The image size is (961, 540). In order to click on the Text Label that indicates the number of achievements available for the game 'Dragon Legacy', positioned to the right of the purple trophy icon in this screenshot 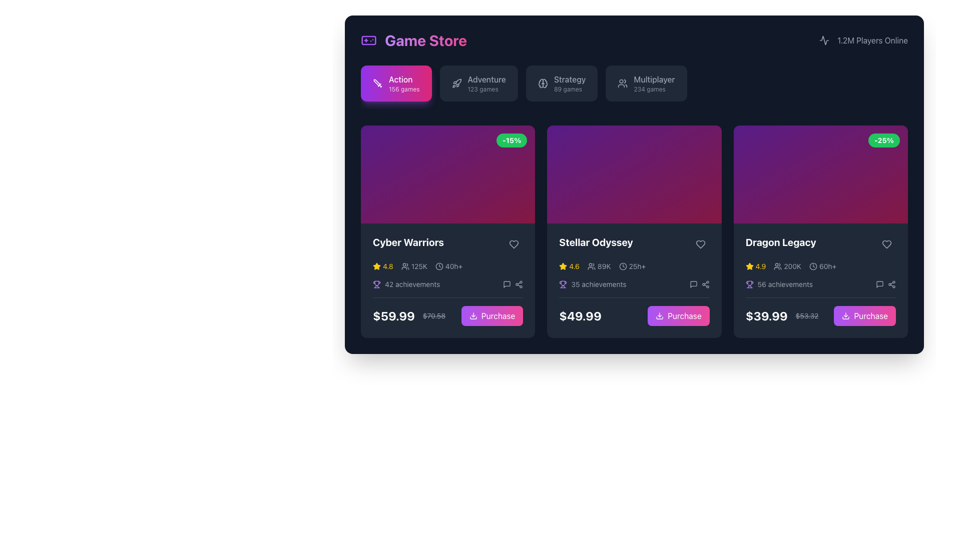, I will do `click(784, 284)`.